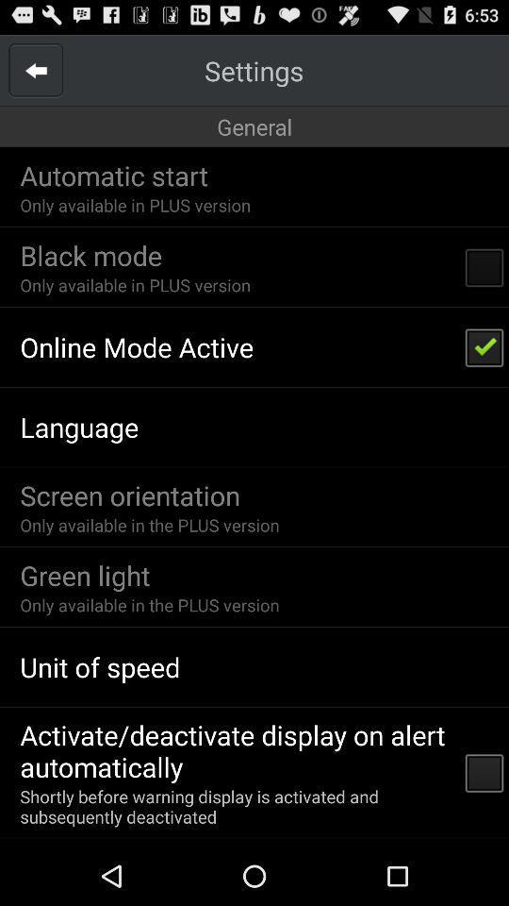 The width and height of the screenshot is (509, 906). I want to click on return to the previous screen, so click(36, 70).